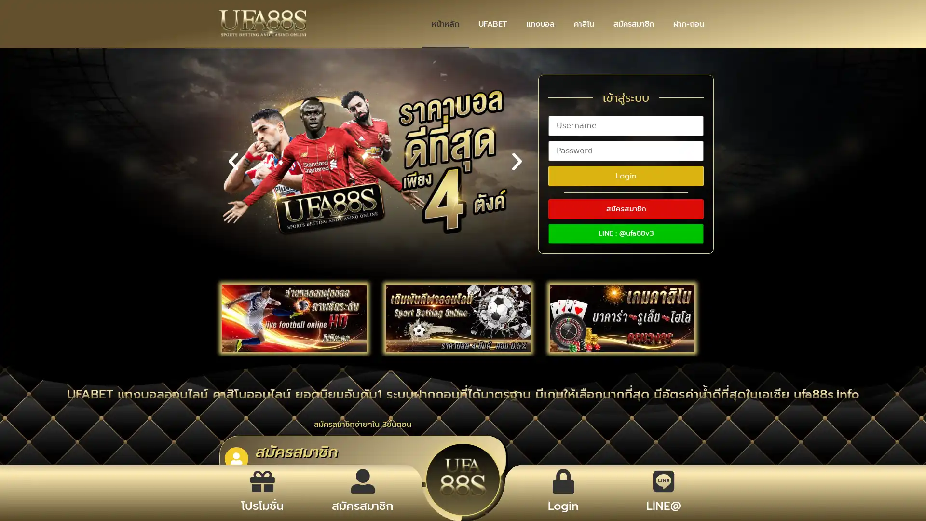  I want to click on LINE : @ufa88v3, so click(626, 233).